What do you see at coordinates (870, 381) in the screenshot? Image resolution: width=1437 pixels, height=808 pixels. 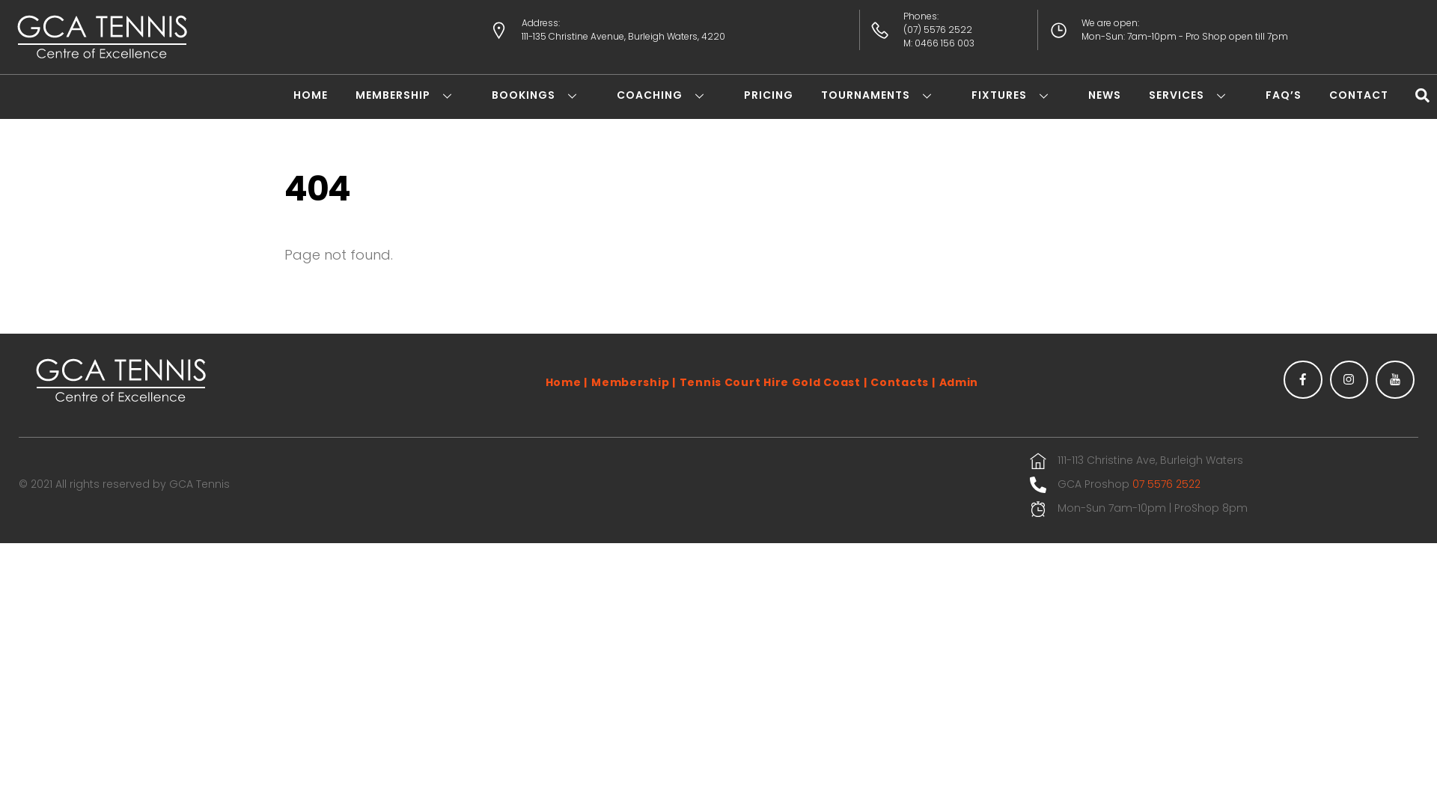 I see `'Contacts |'` at bounding box center [870, 381].